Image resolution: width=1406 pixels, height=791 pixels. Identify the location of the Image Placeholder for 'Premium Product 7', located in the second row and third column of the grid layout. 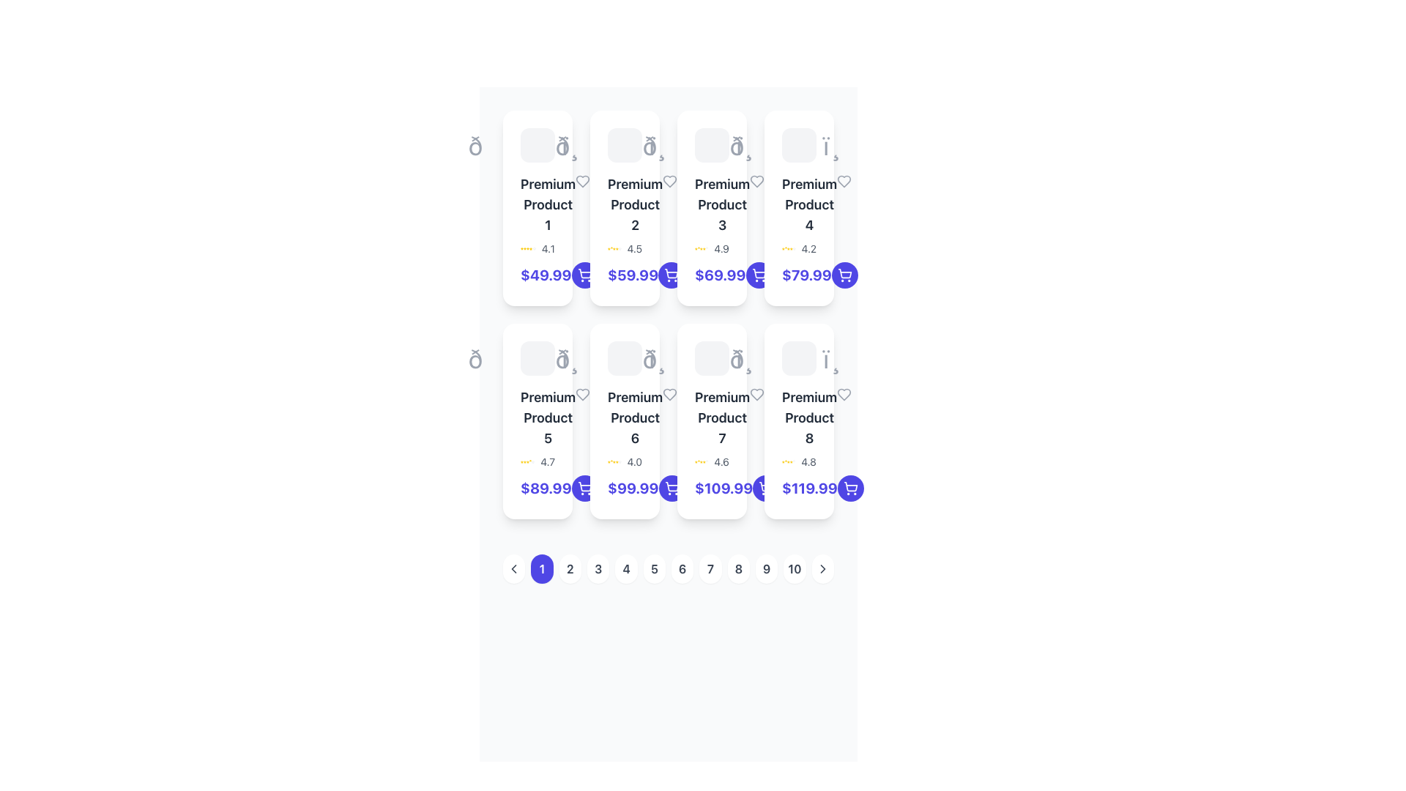
(712, 358).